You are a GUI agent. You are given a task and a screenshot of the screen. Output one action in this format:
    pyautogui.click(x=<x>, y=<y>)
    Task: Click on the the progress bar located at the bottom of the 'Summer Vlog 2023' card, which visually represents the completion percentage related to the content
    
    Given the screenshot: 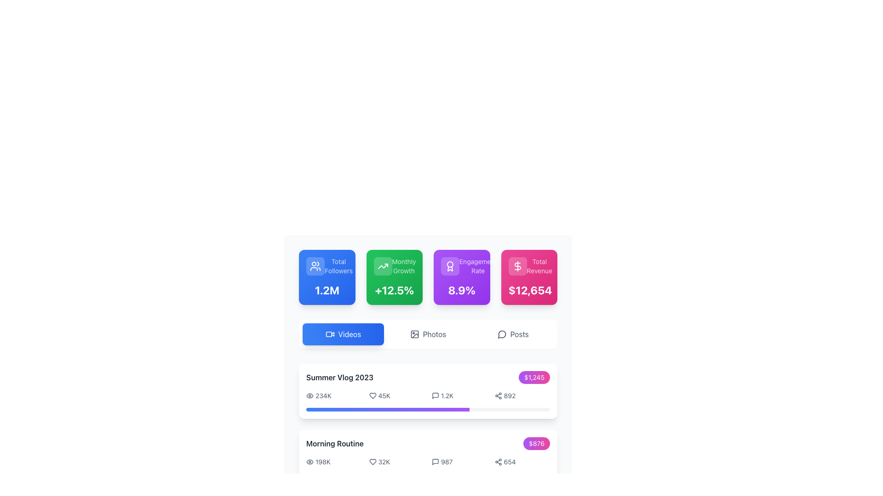 What is the action you would take?
    pyautogui.click(x=428, y=409)
    